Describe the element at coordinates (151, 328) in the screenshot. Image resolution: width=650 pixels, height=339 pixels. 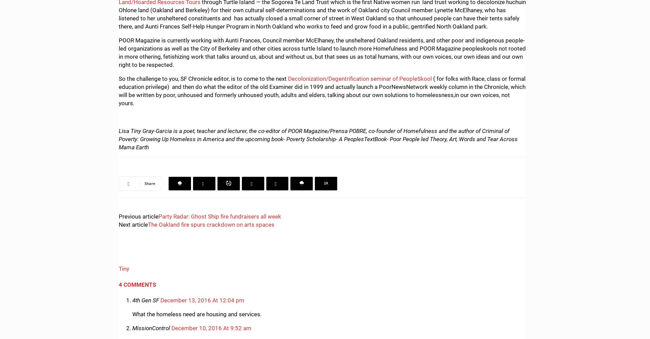
I see `'MissionControl'` at that location.